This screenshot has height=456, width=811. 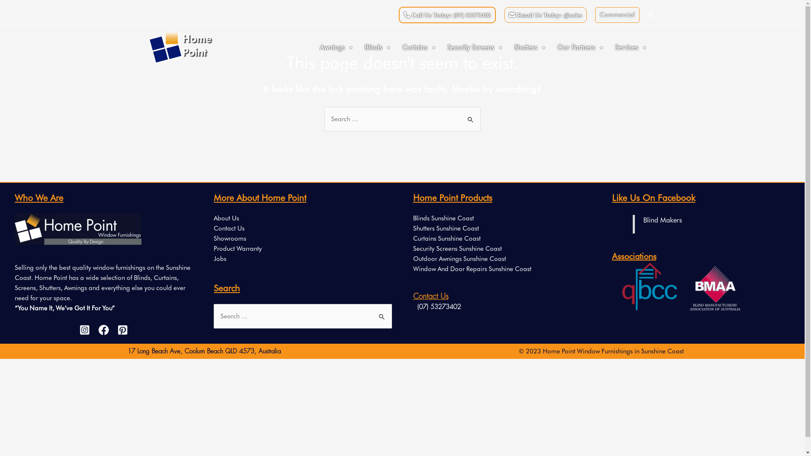 What do you see at coordinates (443, 217) in the screenshot?
I see `'Blinds Sunshine Coast'` at bounding box center [443, 217].